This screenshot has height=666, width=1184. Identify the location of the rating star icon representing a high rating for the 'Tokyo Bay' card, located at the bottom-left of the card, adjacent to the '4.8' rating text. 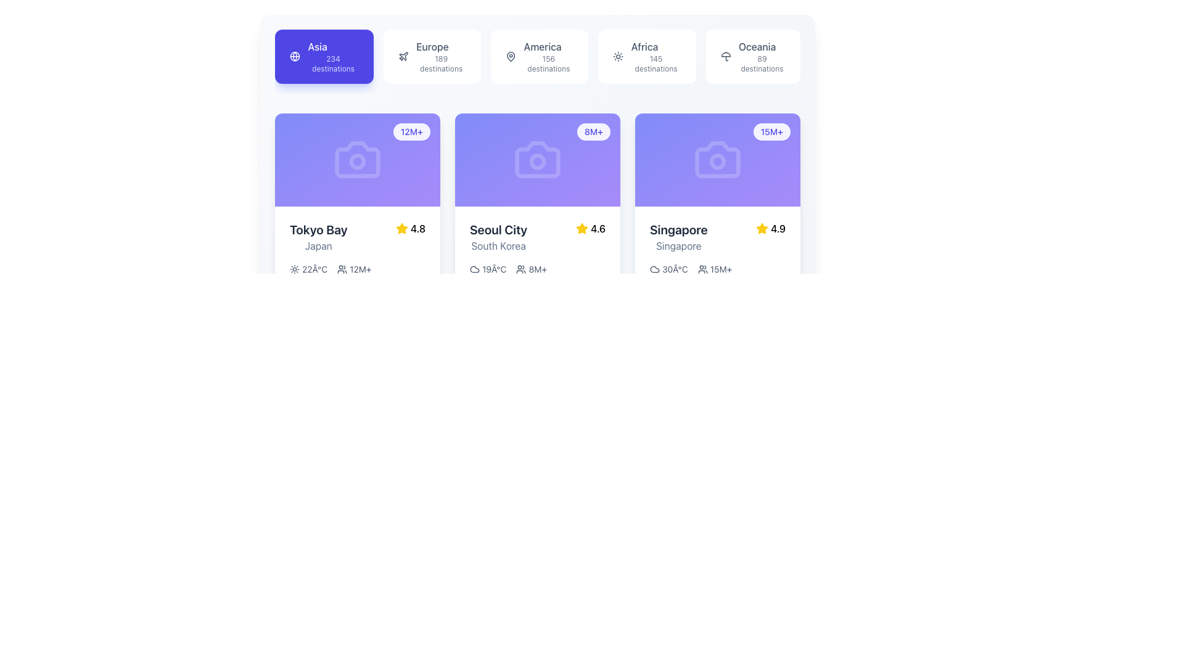
(401, 228).